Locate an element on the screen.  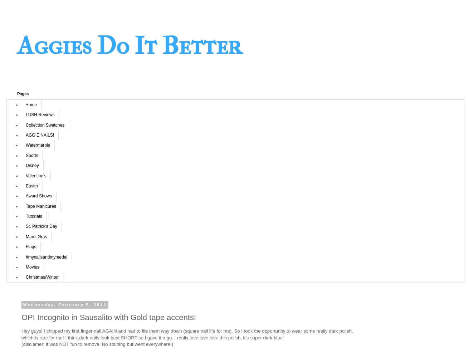
'Tutorials' is located at coordinates (33, 216).